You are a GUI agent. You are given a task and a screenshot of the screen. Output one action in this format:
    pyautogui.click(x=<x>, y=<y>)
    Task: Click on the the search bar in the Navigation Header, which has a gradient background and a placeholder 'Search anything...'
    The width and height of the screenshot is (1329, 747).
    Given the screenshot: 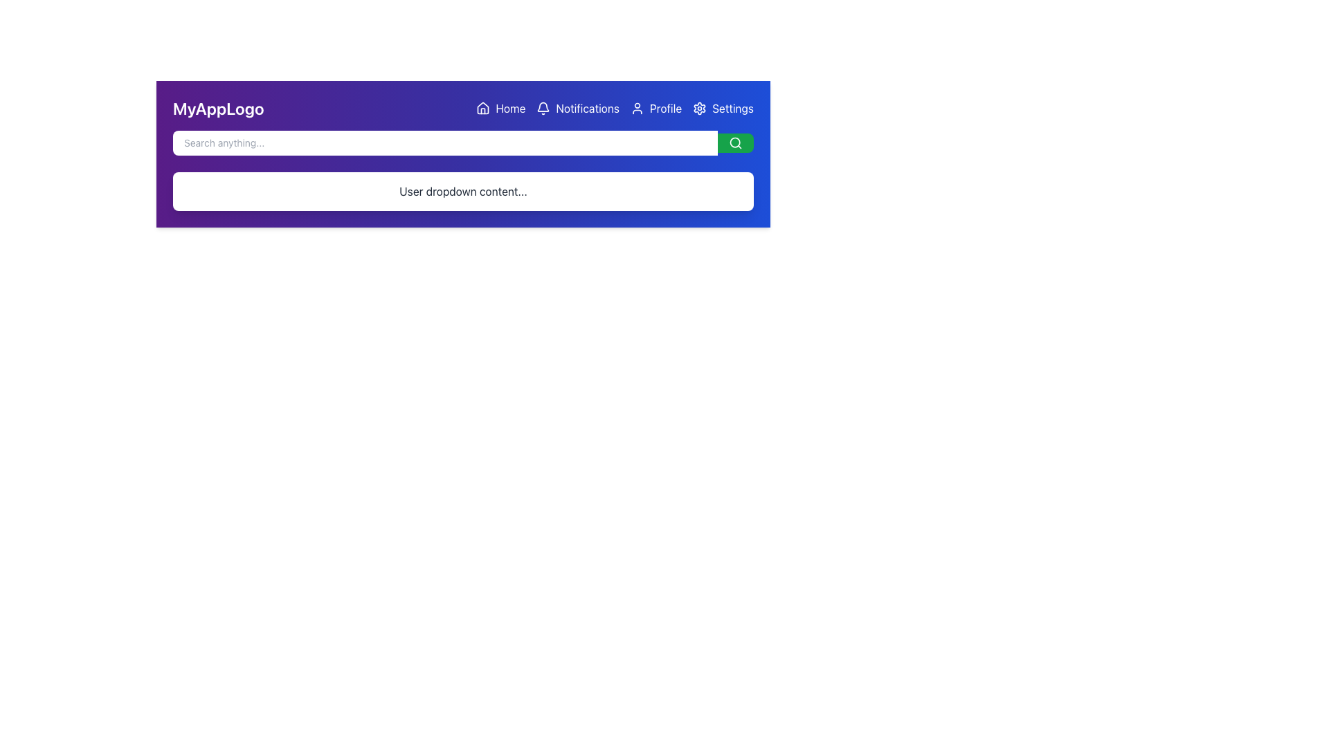 What is the action you would take?
    pyautogui.click(x=463, y=154)
    